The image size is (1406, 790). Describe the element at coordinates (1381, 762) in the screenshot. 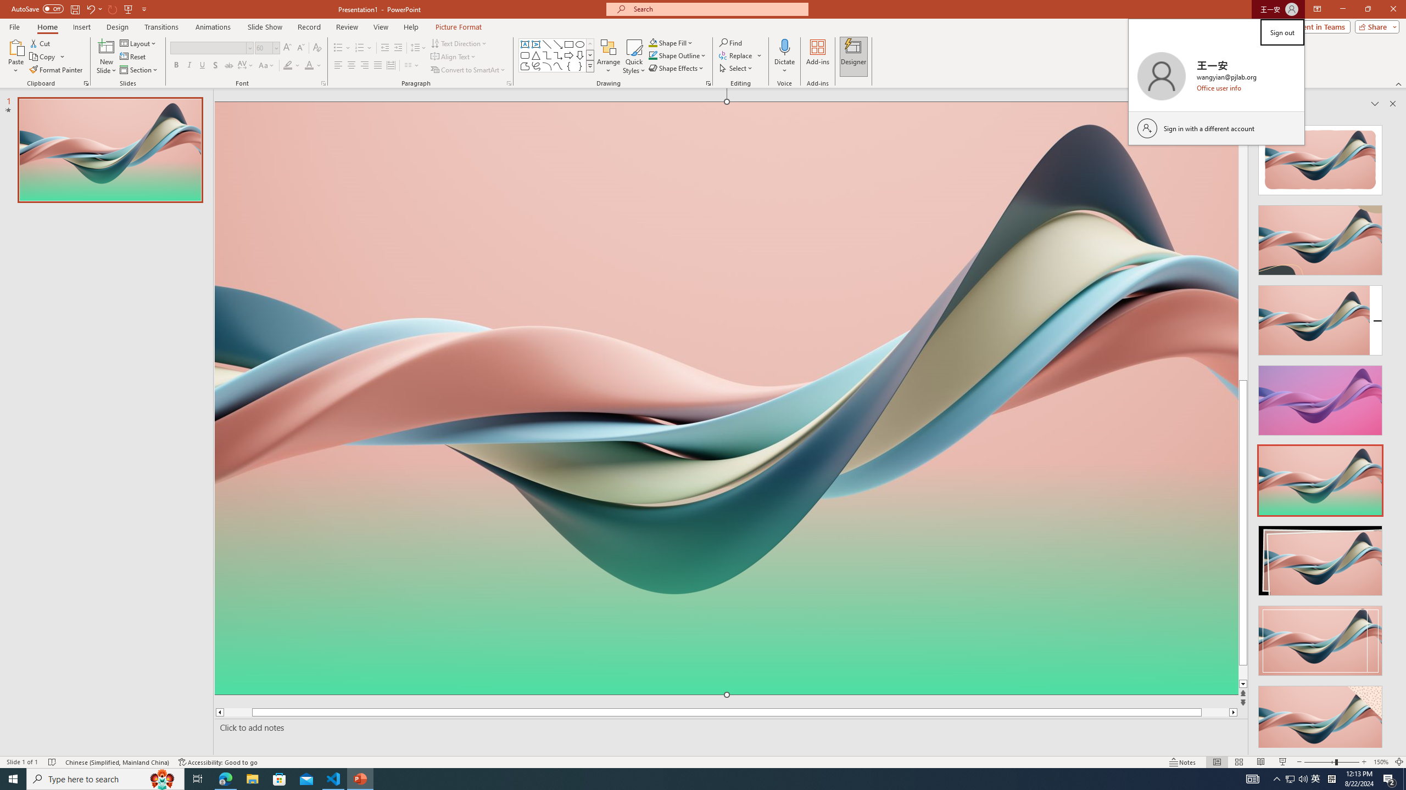

I see `'Zoom 150%'` at that location.